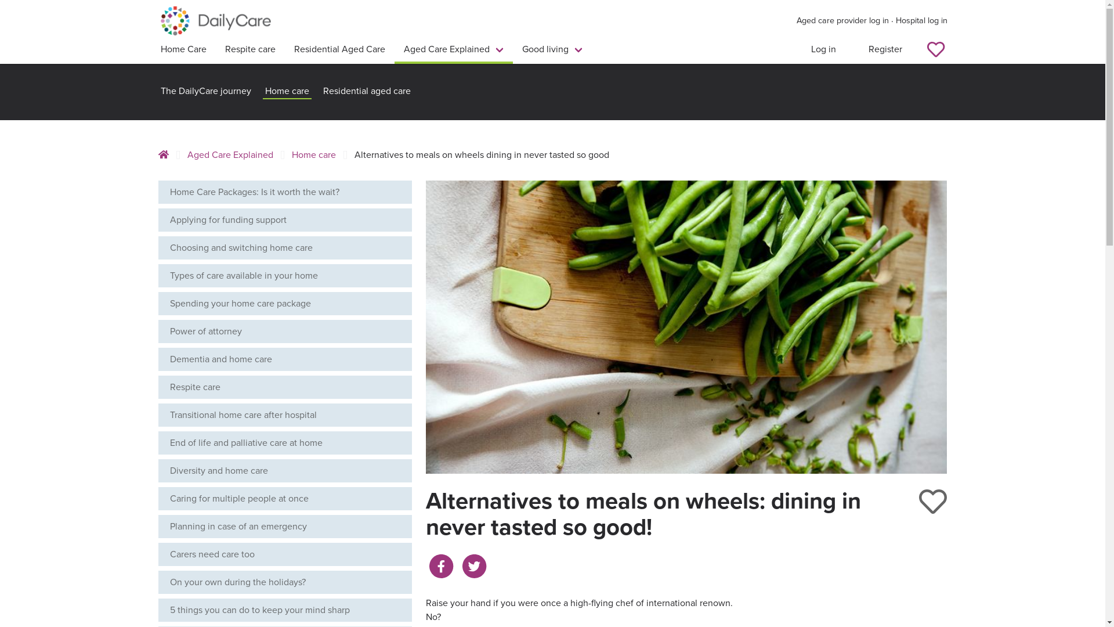 Image resolution: width=1114 pixels, height=627 pixels. Describe the element at coordinates (284, 303) in the screenshot. I see `'Spending your home care package'` at that location.